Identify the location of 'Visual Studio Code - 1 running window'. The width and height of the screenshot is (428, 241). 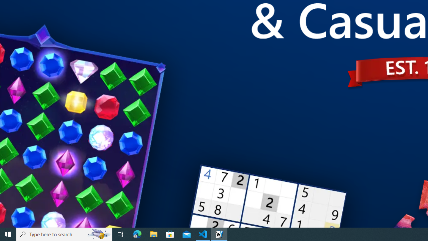
(203, 234).